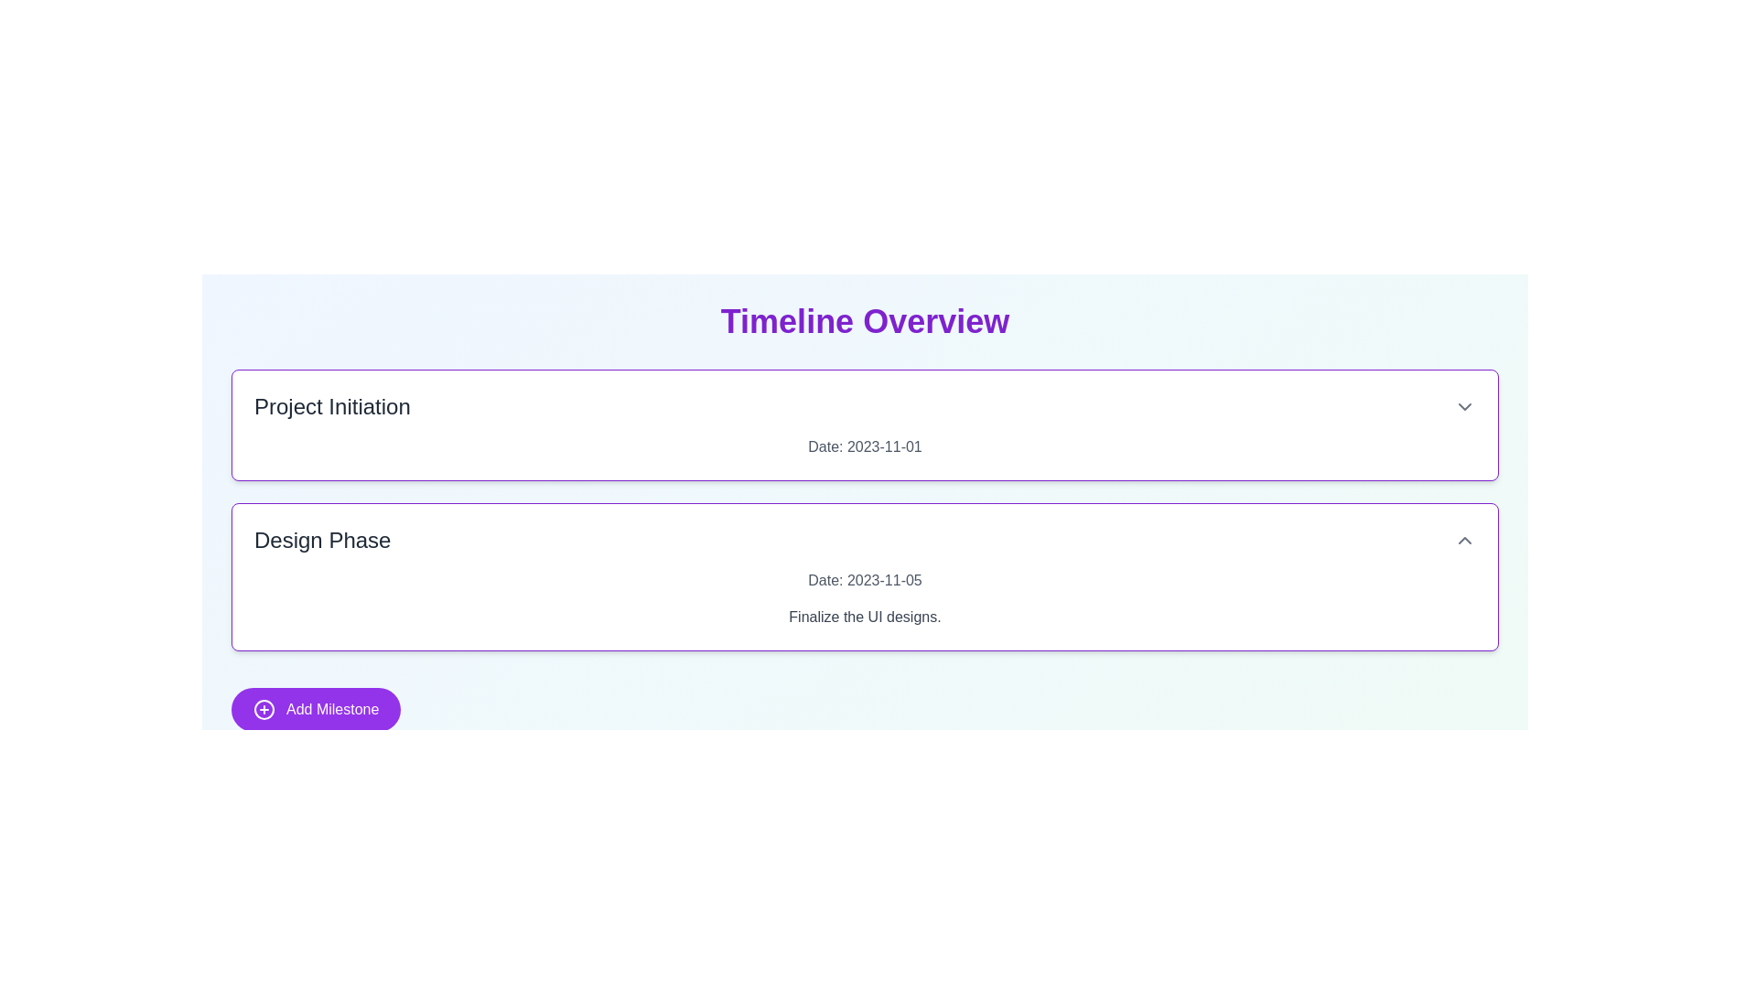 This screenshot has height=988, width=1757. What do you see at coordinates (1465, 539) in the screenshot?
I see `the icon button at the far-right end of the 'Design Phase' card title bar` at bounding box center [1465, 539].